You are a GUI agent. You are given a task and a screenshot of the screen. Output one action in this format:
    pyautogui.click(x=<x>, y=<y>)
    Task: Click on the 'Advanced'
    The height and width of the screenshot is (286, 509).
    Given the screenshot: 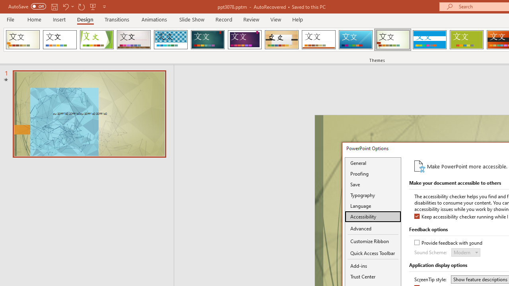 What is the action you would take?
    pyautogui.click(x=373, y=229)
    